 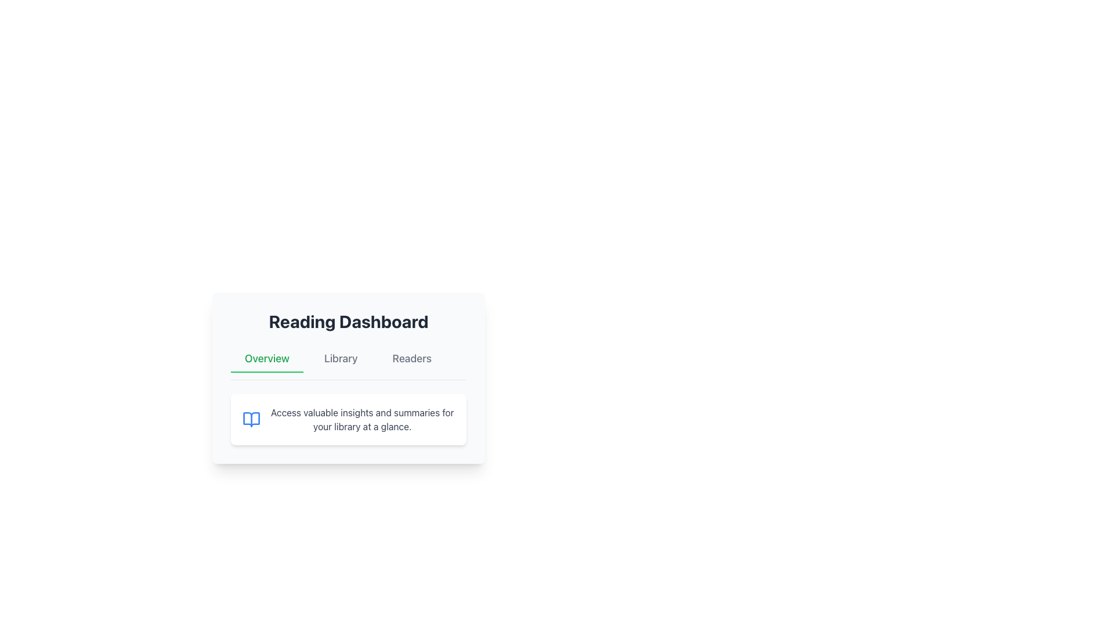 I want to click on the 'Overview' navigation tab, which is the first item in the horizontal navigation bar styled with a green border and text, located below the 'Reading Dashboard' heading, so click(x=266, y=358).